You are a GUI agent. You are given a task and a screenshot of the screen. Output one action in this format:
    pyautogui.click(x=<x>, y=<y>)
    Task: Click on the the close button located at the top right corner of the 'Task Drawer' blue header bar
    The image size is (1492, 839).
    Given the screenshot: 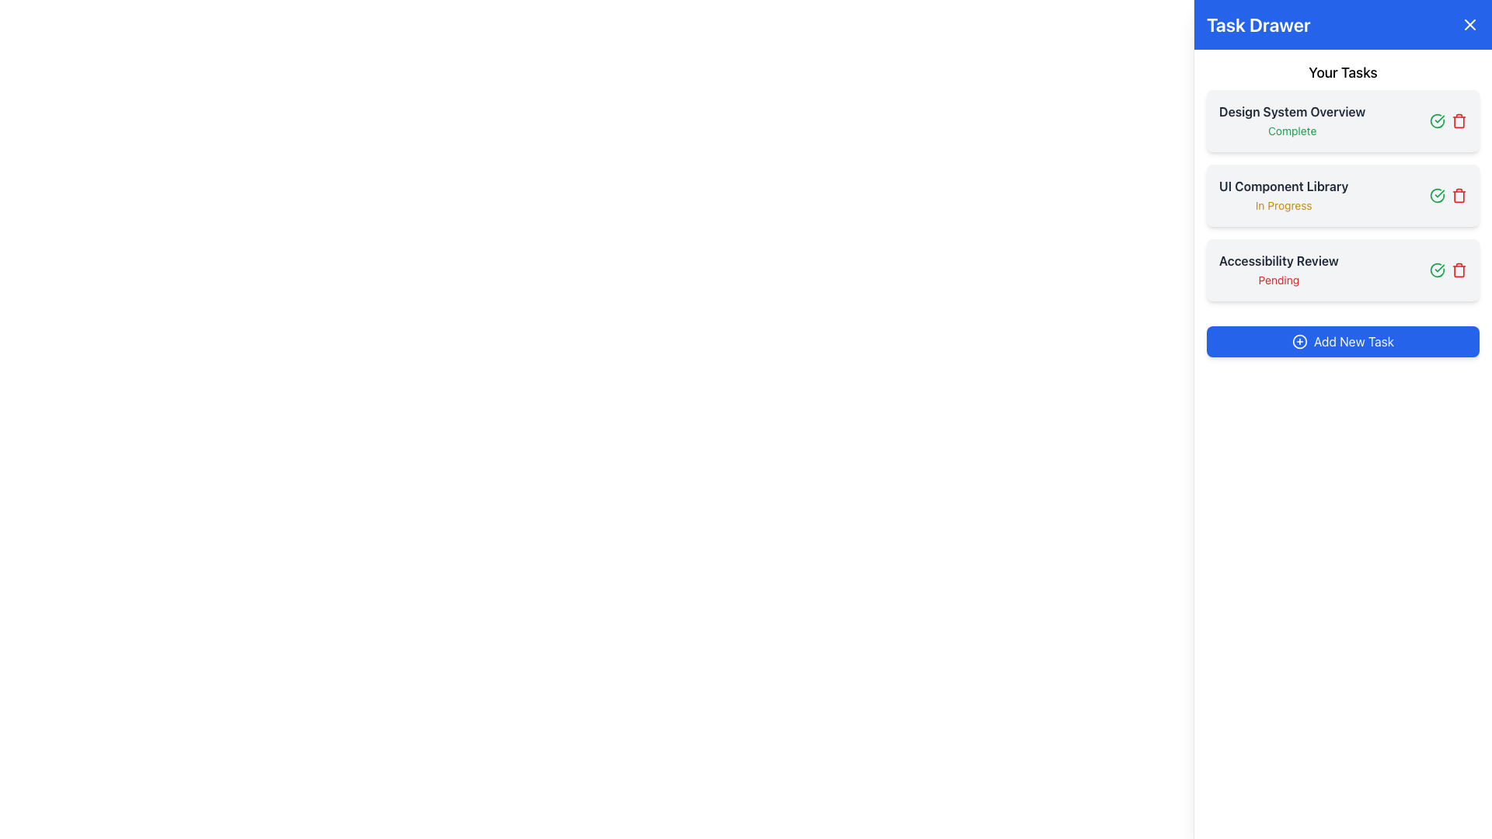 What is the action you would take?
    pyautogui.click(x=1469, y=24)
    